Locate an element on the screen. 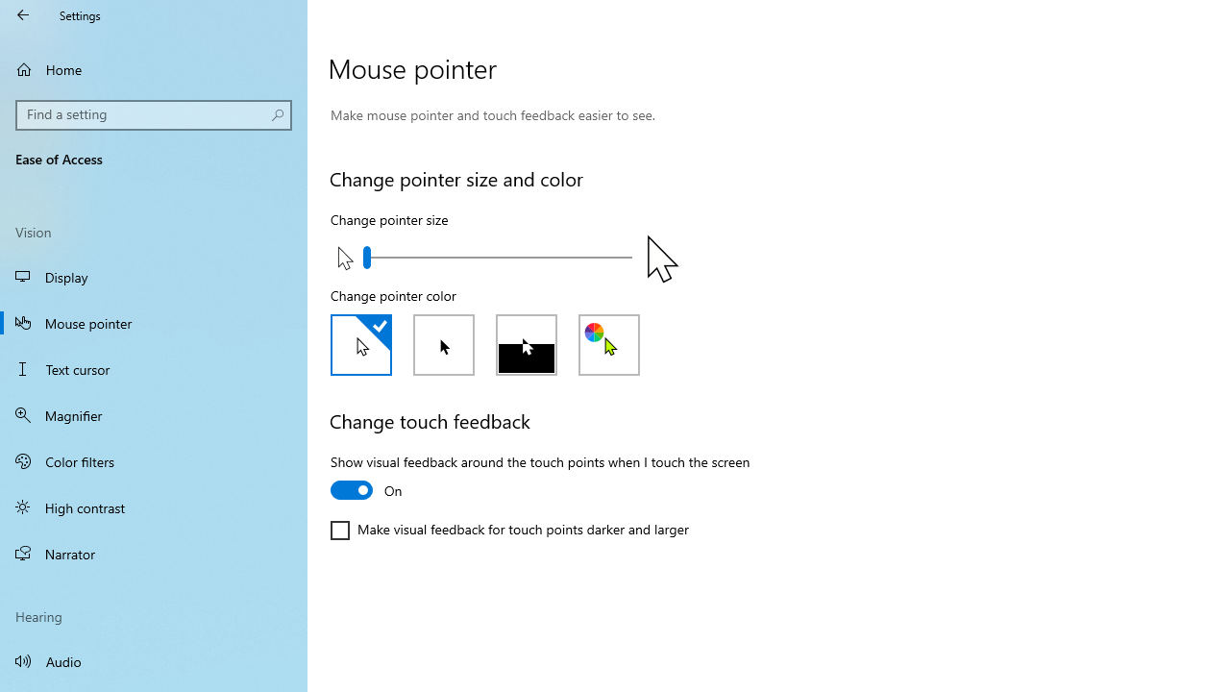  'Make visual feedback for touch points darker and larger' is located at coordinates (509, 530).